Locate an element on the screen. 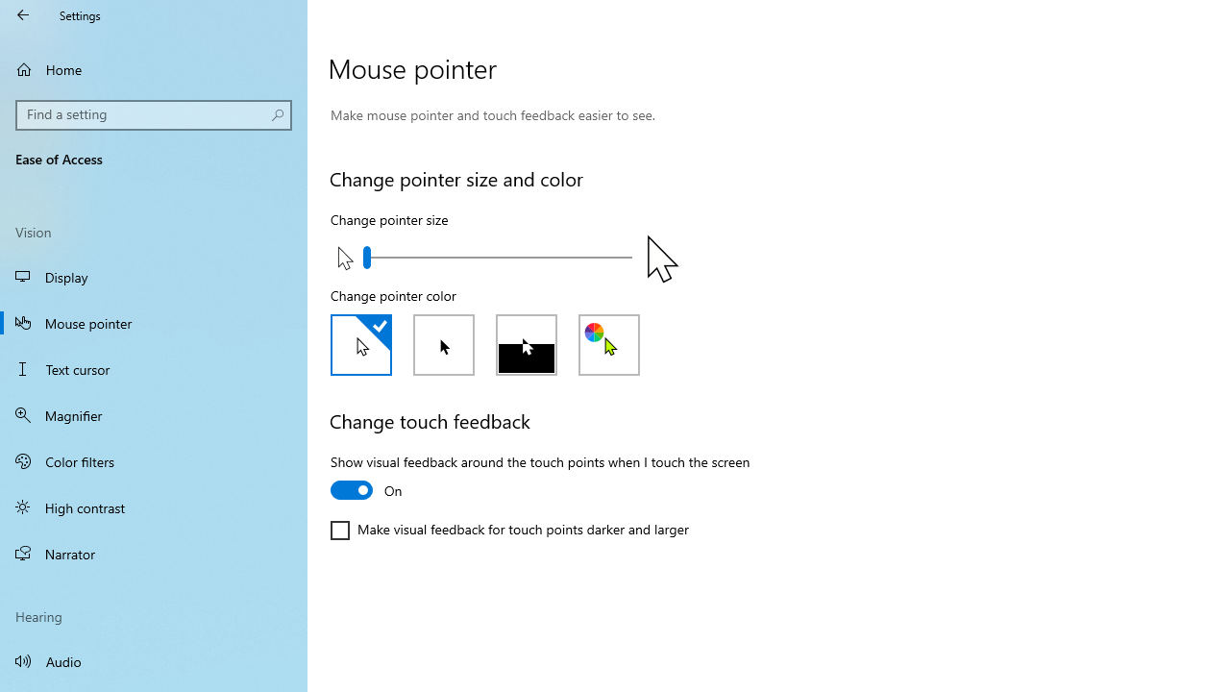  'Make visual feedback for touch points darker and larger' is located at coordinates (509, 530).